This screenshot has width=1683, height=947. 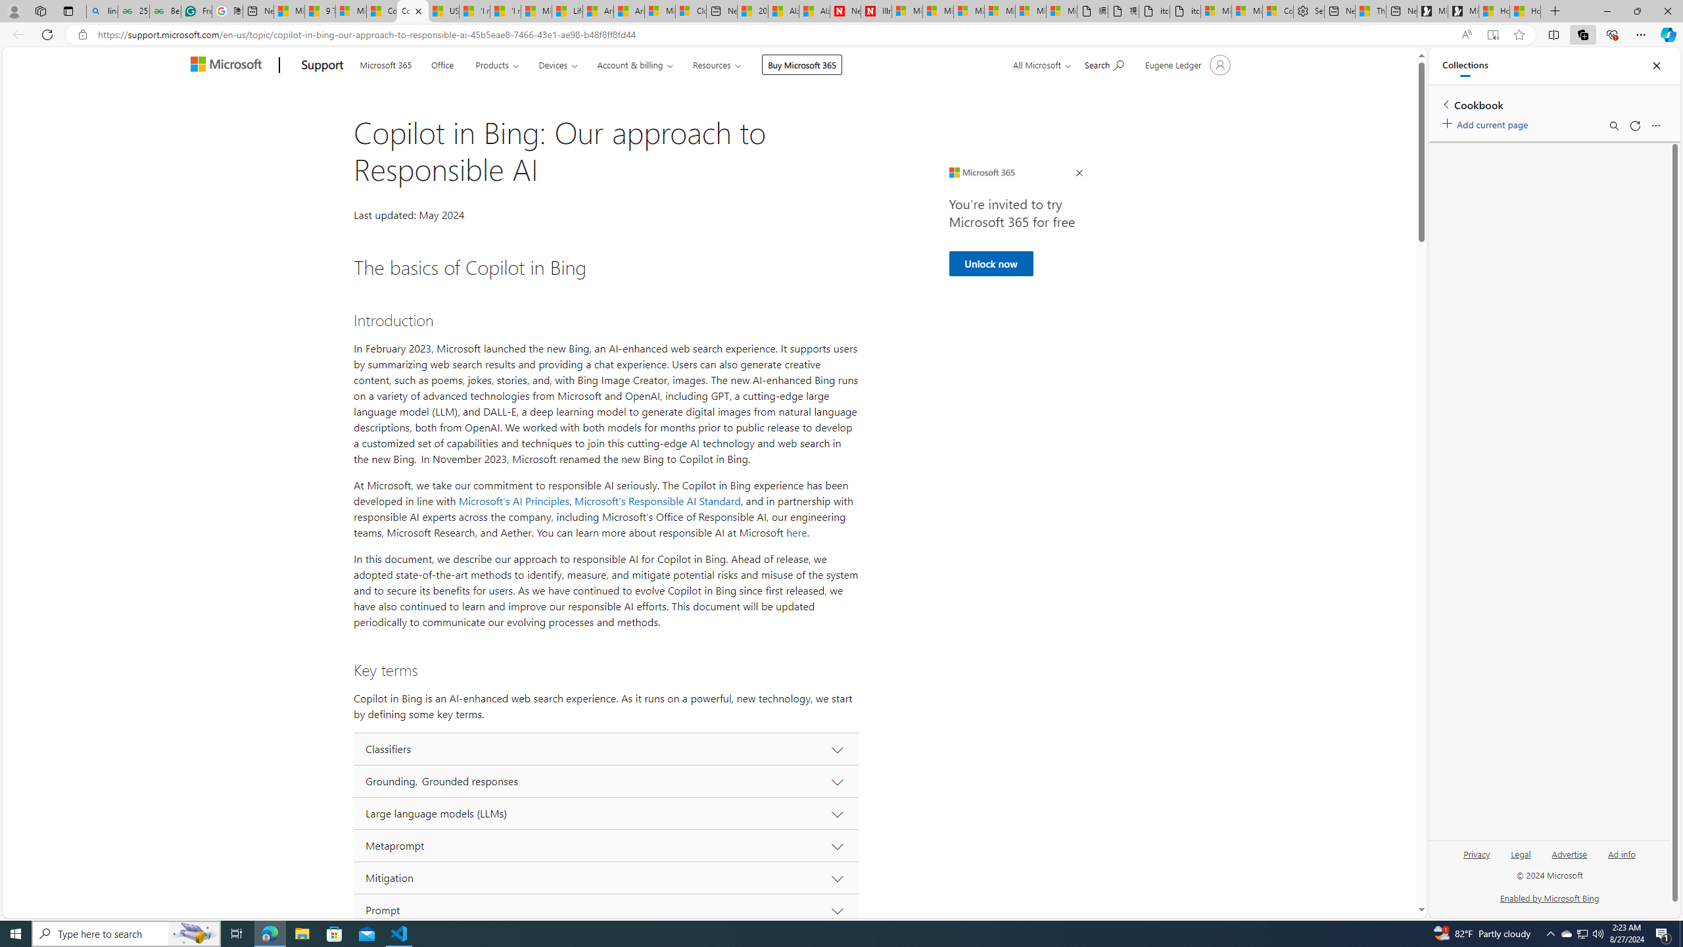 I want to click on 'Office', so click(x=442, y=63).